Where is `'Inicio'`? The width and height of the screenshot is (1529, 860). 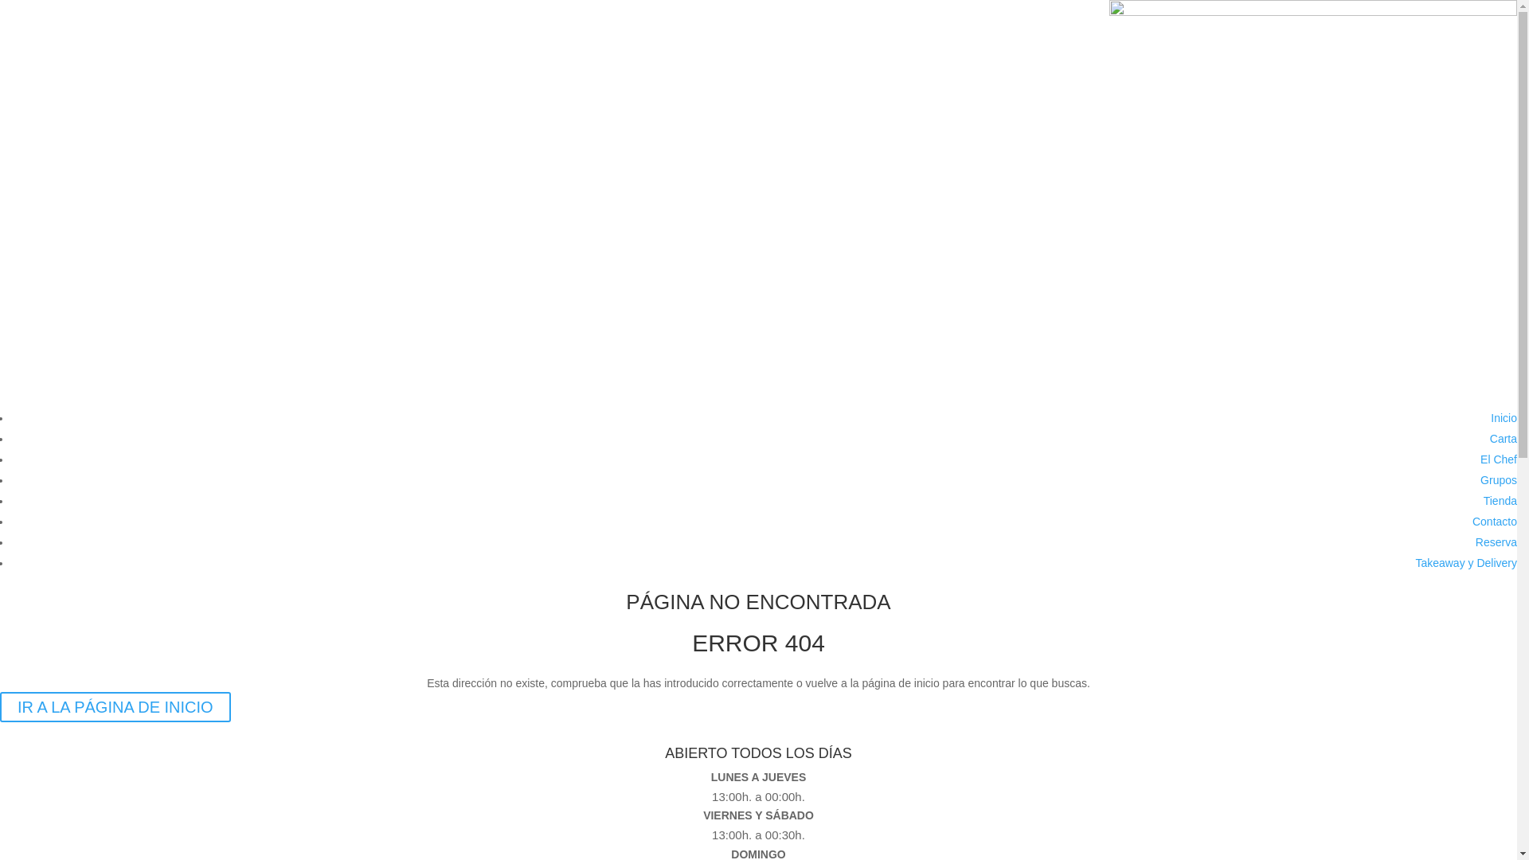
'Inicio' is located at coordinates (1503, 416).